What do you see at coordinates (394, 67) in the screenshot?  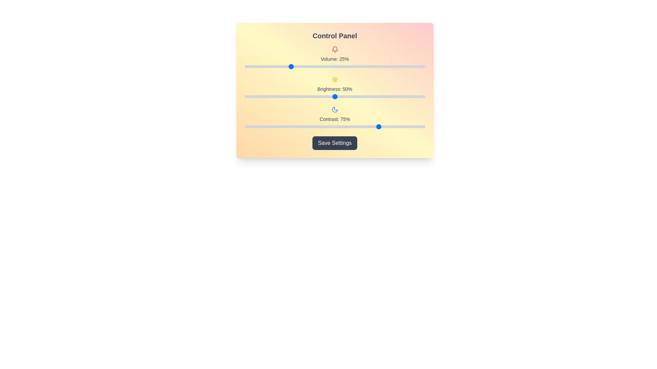 I see `the volume` at bounding box center [394, 67].